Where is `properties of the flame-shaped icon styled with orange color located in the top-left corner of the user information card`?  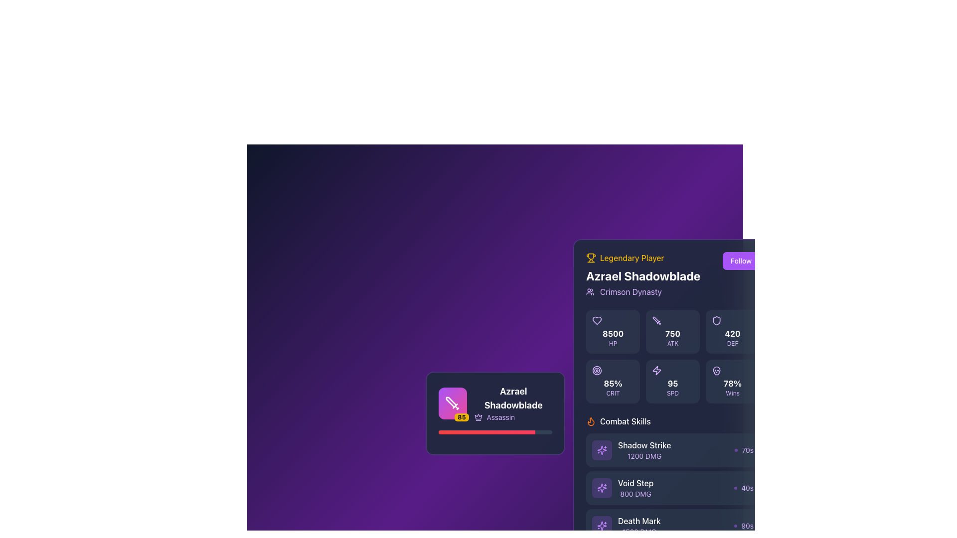 properties of the flame-shaped icon styled with orange color located in the top-left corner of the user information card is located at coordinates (591, 421).